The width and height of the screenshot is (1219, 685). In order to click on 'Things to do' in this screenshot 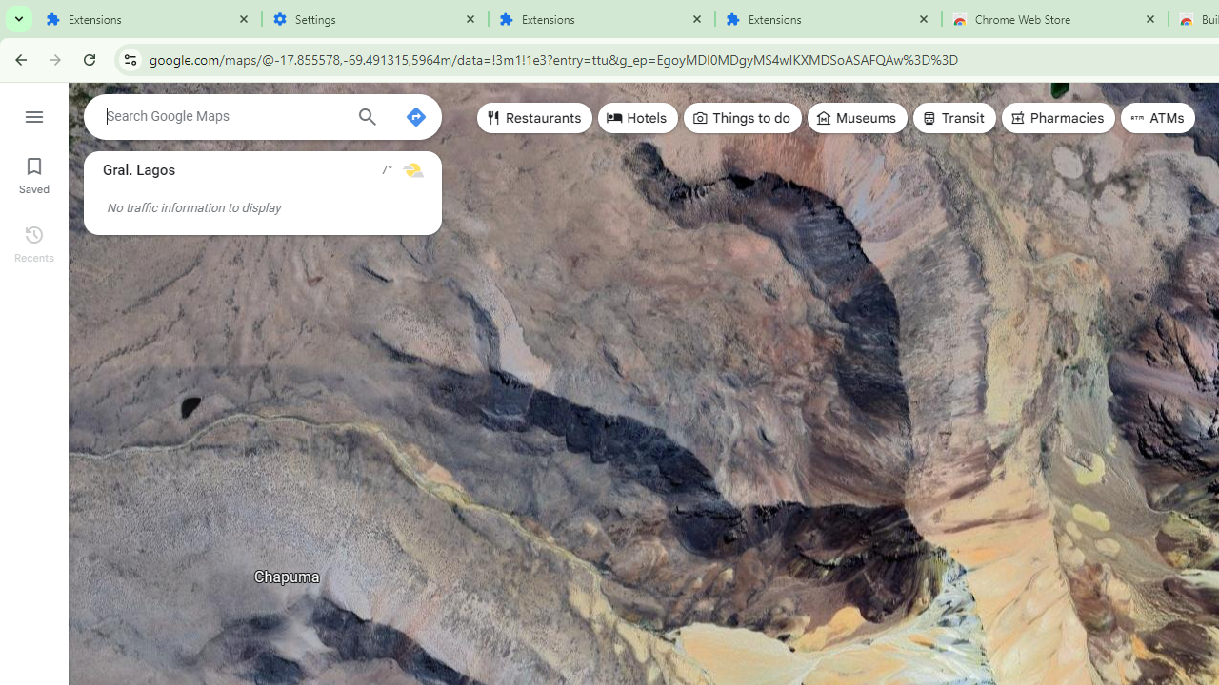, I will do `click(742, 118)`.